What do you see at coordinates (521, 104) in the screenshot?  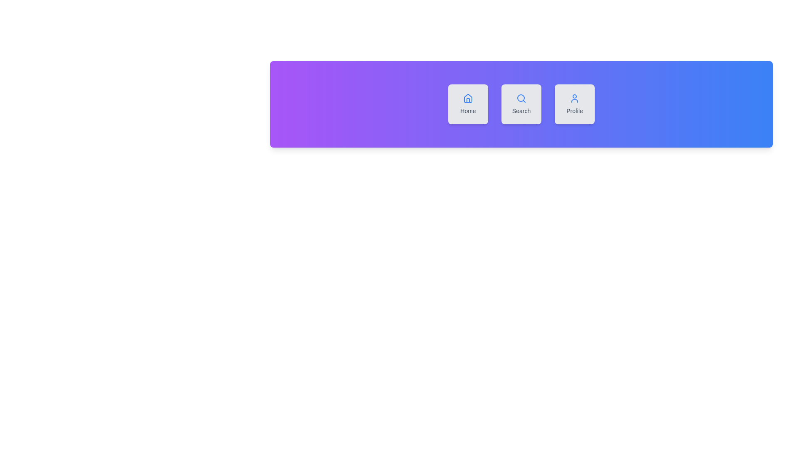 I see `the second button in a row of three, positioned between the 'Home' and 'Profile' buttons` at bounding box center [521, 104].